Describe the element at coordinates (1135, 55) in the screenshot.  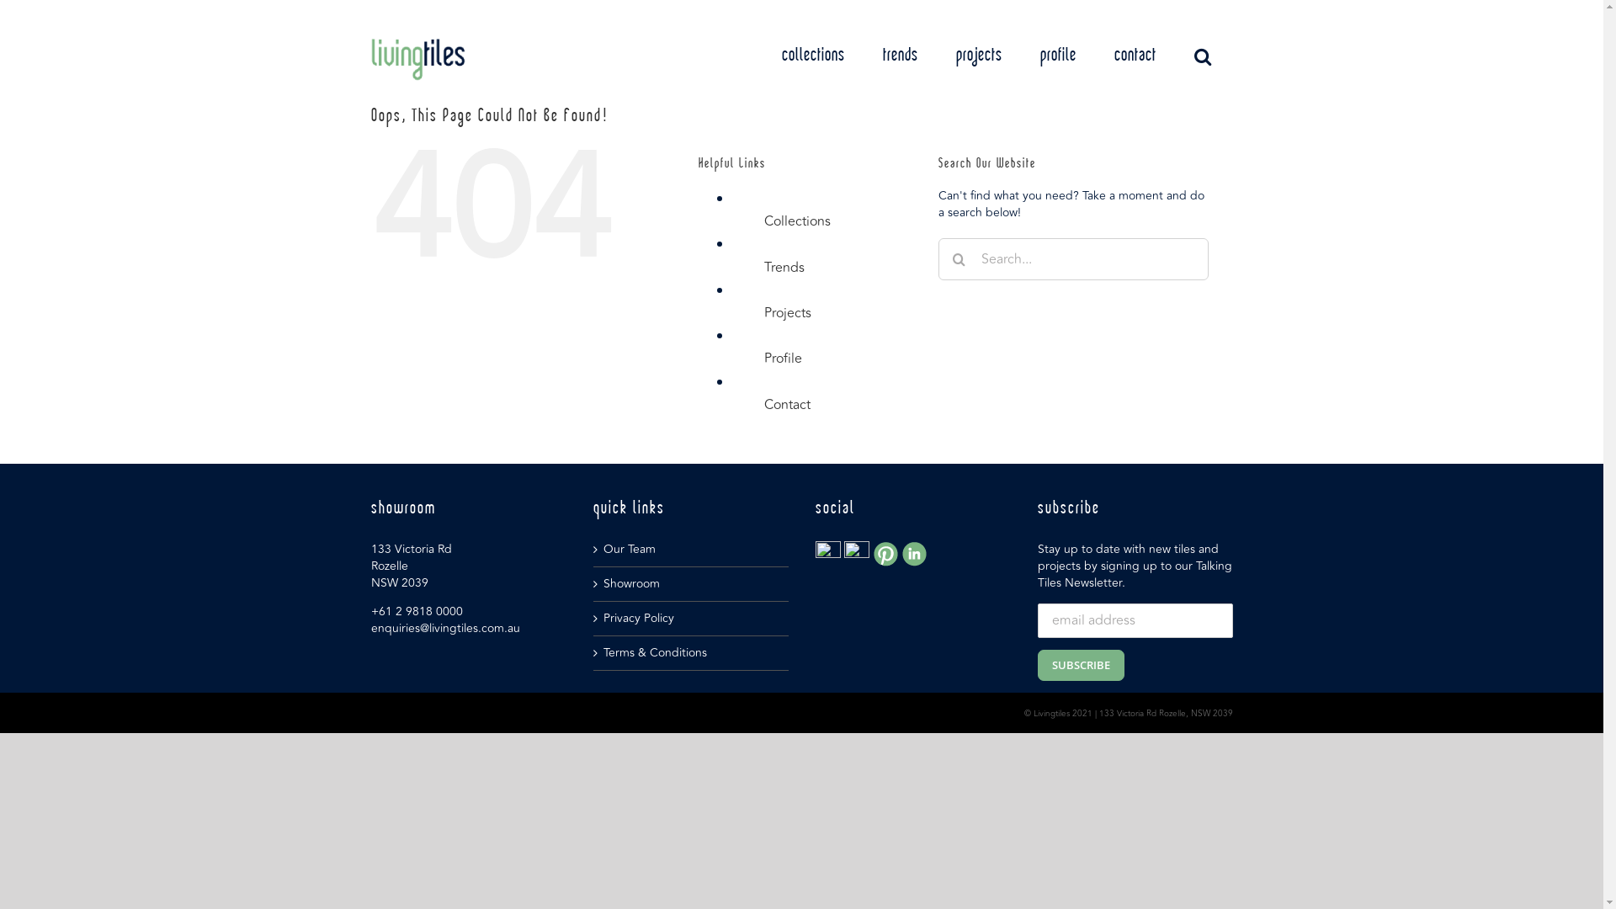
I see `'contact'` at that location.